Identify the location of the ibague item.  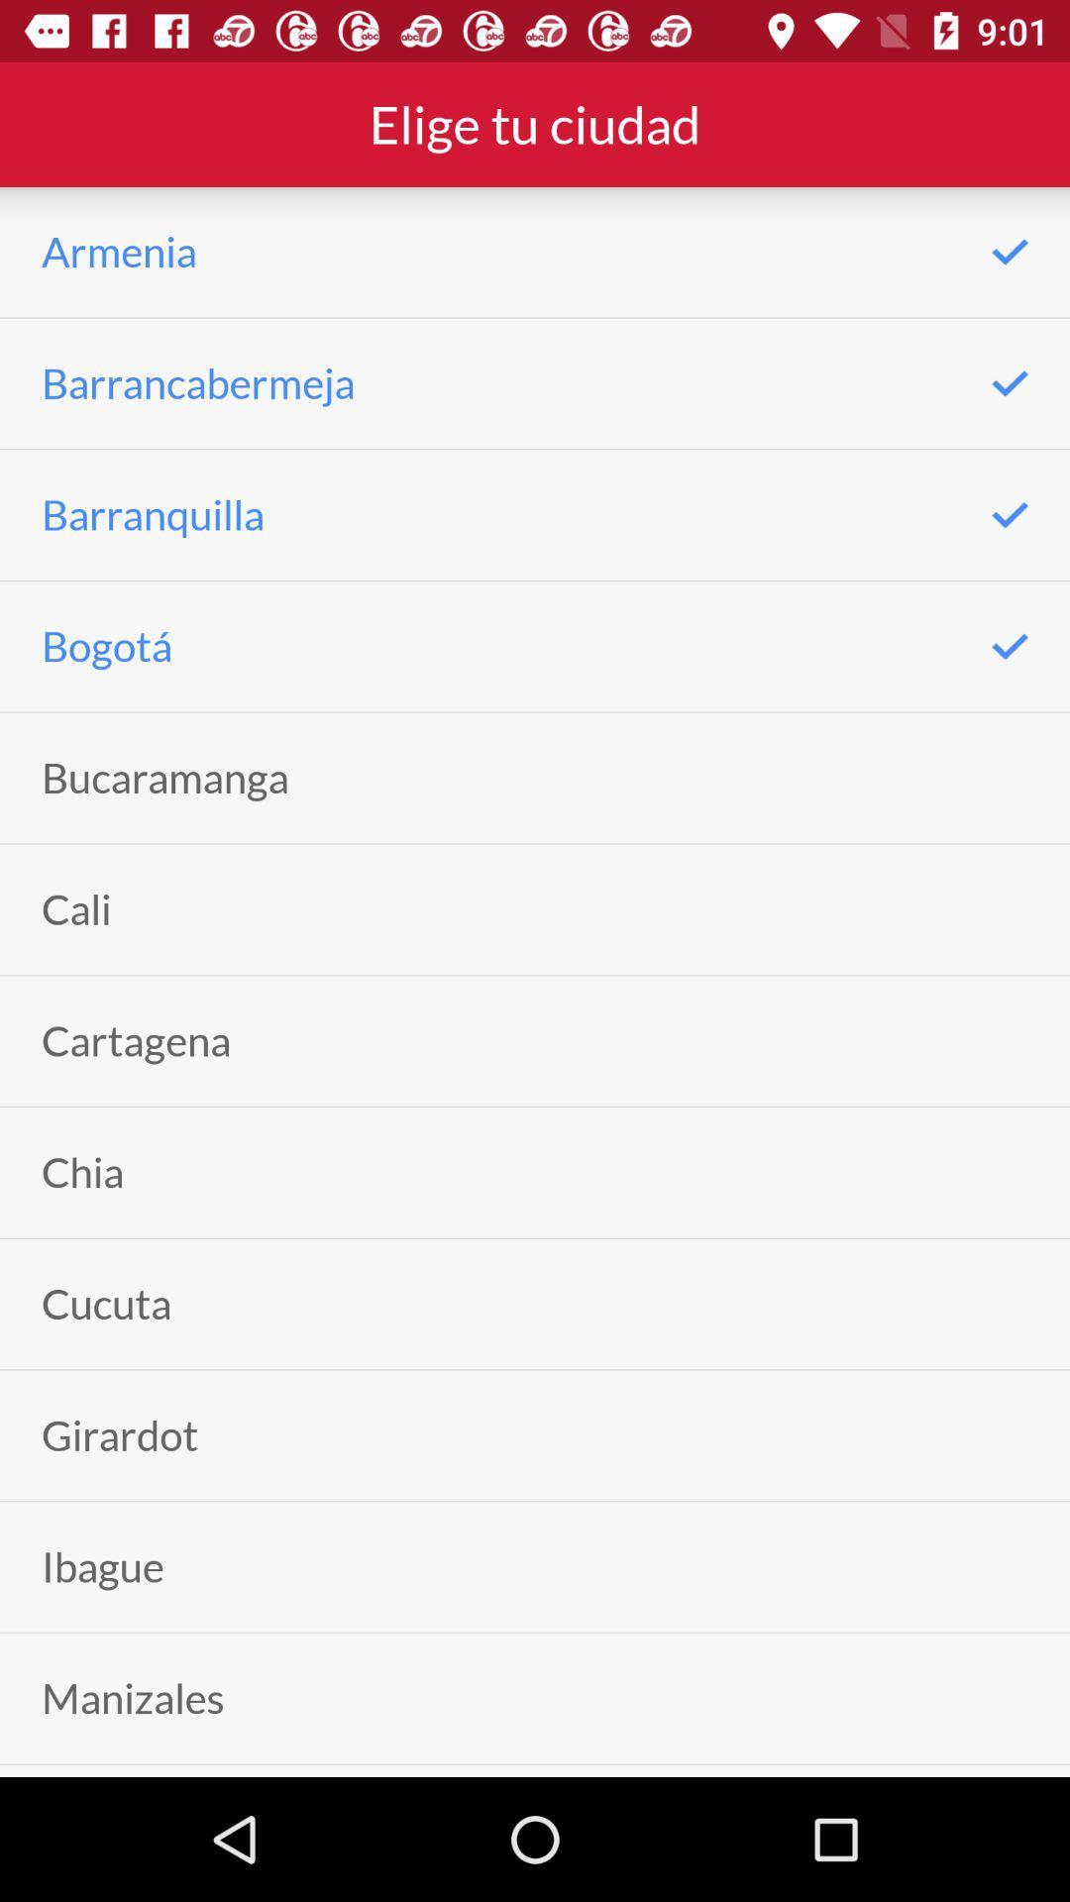
(102, 1566).